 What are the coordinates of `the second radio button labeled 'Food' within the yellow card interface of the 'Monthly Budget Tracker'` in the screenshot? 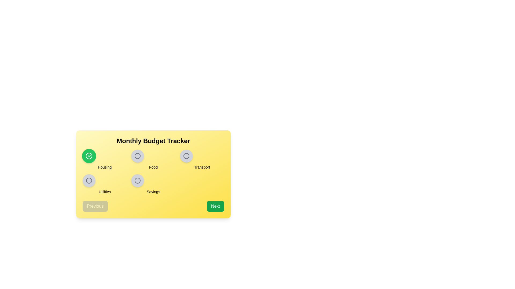 It's located at (138, 156).